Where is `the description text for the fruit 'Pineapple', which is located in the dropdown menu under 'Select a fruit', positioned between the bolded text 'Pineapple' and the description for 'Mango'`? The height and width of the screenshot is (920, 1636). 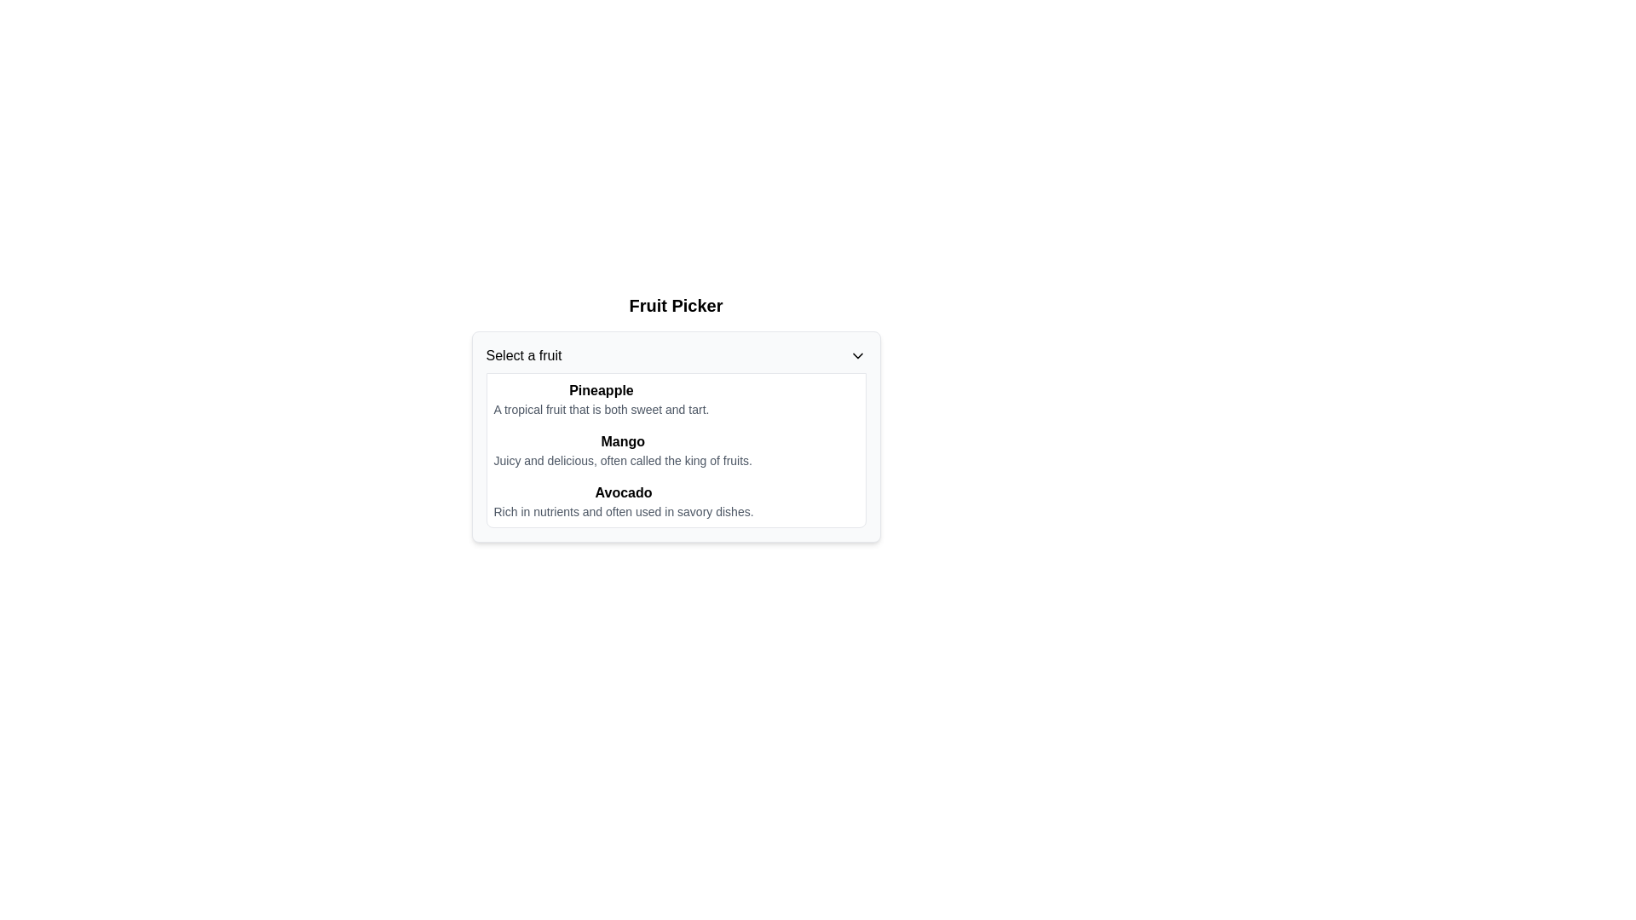
the description text for the fruit 'Pineapple', which is located in the dropdown menu under 'Select a fruit', positioned between the bolded text 'Pineapple' and the description for 'Mango' is located at coordinates (601, 410).